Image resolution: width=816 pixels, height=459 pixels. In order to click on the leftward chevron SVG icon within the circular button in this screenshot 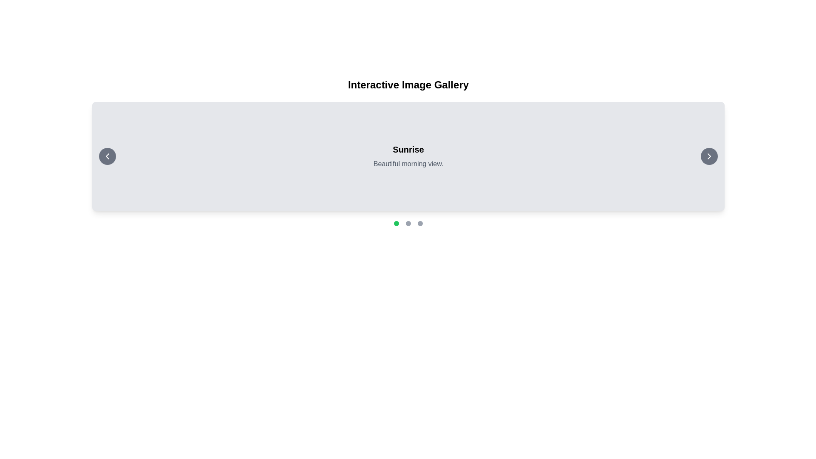, I will do `click(107, 156)`.